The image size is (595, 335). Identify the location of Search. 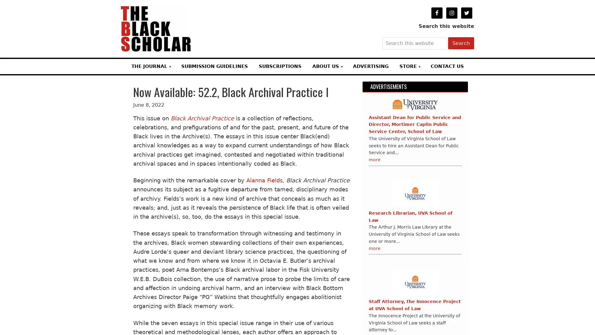
(461, 43).